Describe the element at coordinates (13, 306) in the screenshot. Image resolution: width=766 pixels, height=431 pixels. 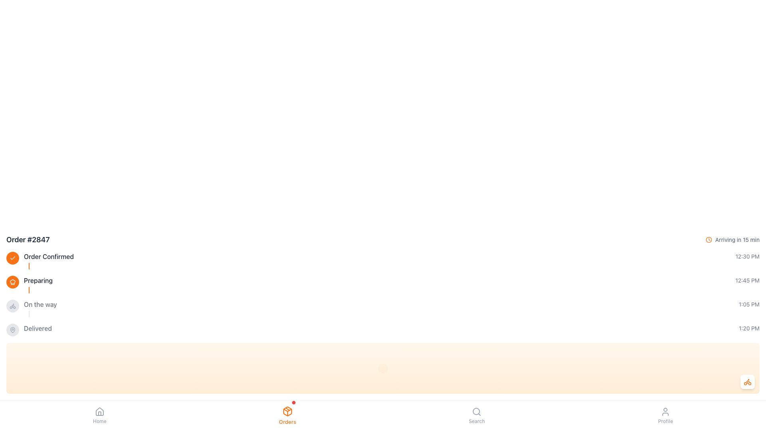
I see `the 'On the way' status icon, which is represented by a bike symbol located in the vertical list of order statuses under 'Order #2847'` at that location.